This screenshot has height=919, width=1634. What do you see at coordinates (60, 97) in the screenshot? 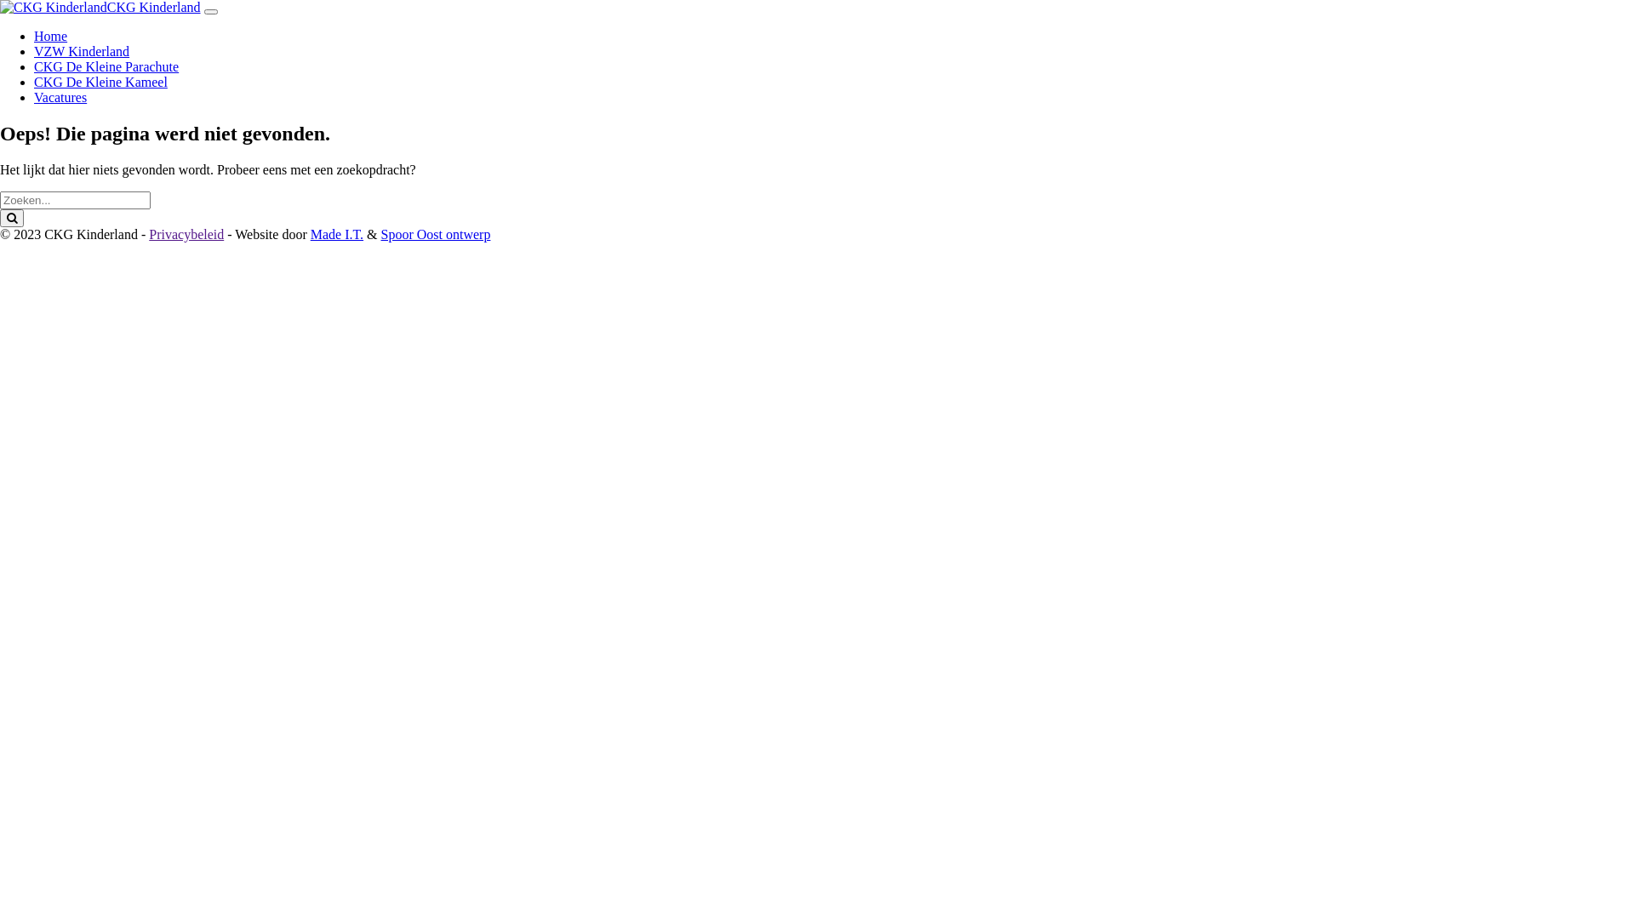
I see `'Vacatures'` at bounding box center [60, 97].